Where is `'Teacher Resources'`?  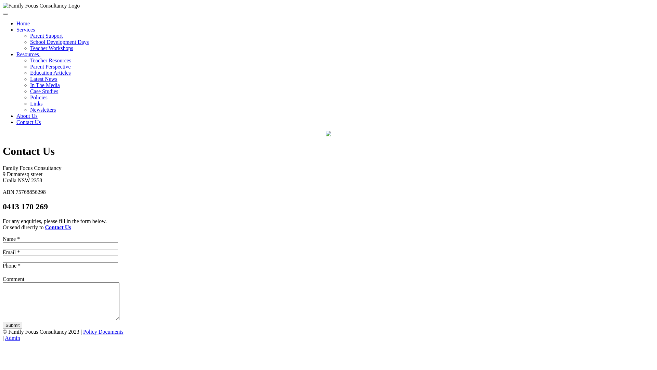
'Teacher Resources' is located at coordinates (29, 60).